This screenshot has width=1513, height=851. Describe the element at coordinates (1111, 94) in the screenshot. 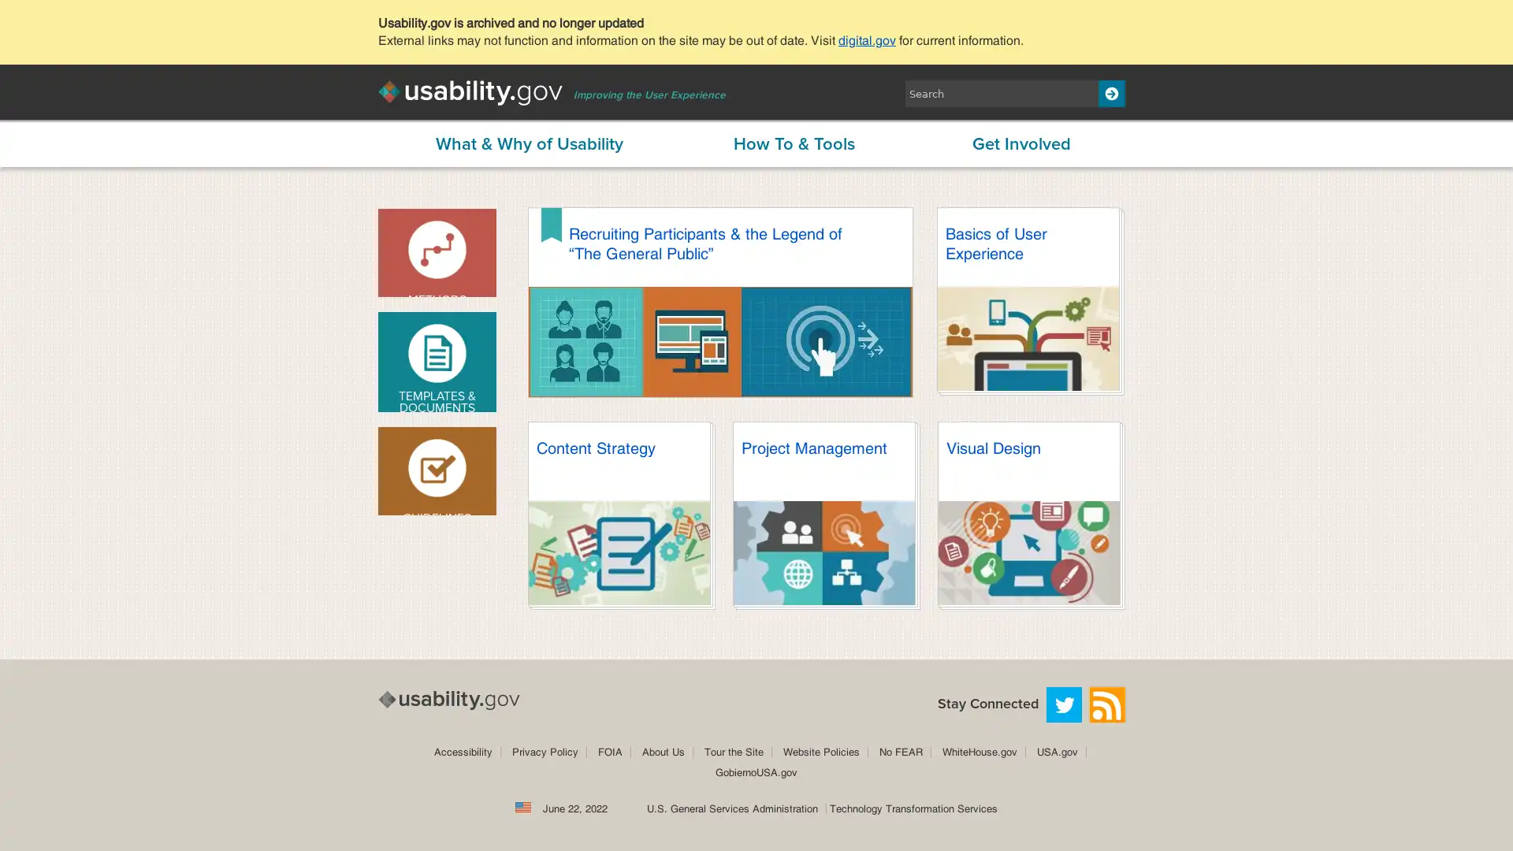

I see `Search` at that location.